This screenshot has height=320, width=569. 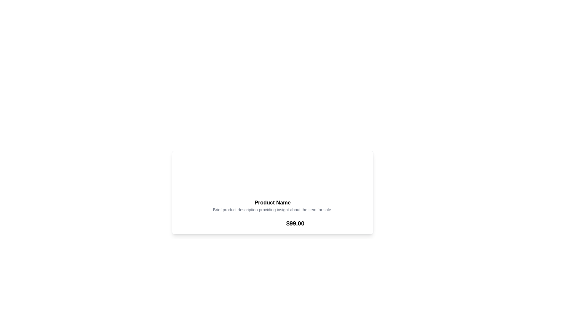 I want to click on the price tag displaying '$99.00', so click(x=295, y=223).